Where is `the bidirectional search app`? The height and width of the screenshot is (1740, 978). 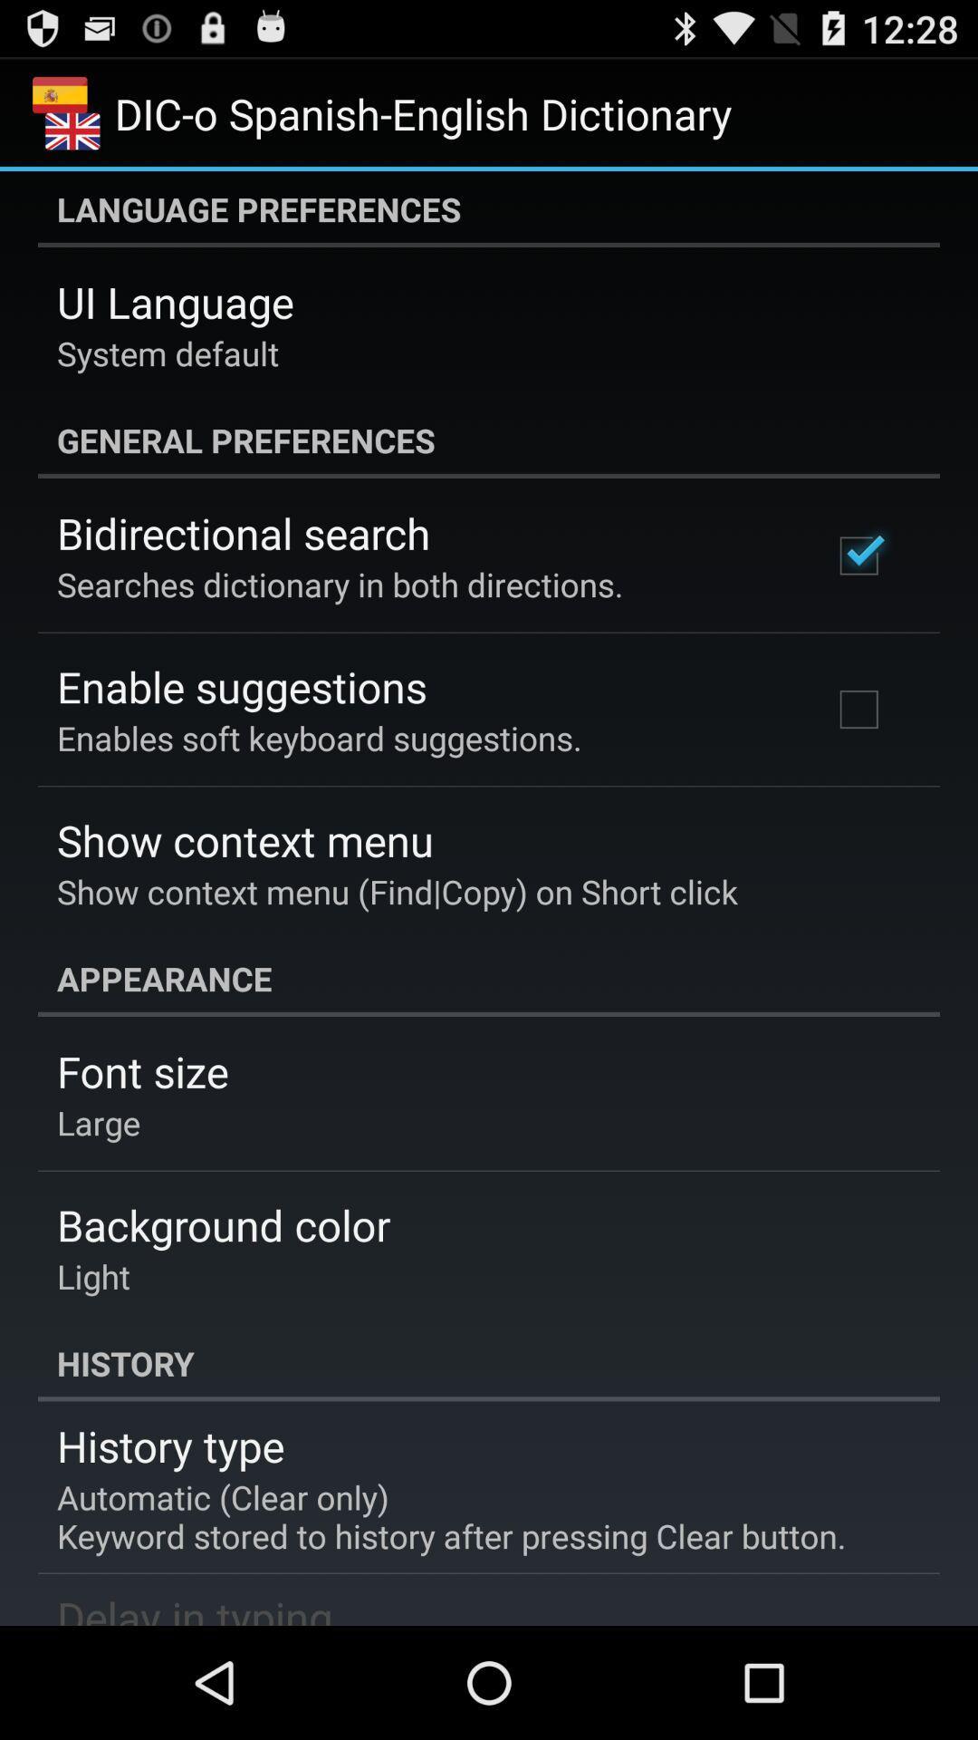 the bidirectional search app is located at coordinates (243, 532).